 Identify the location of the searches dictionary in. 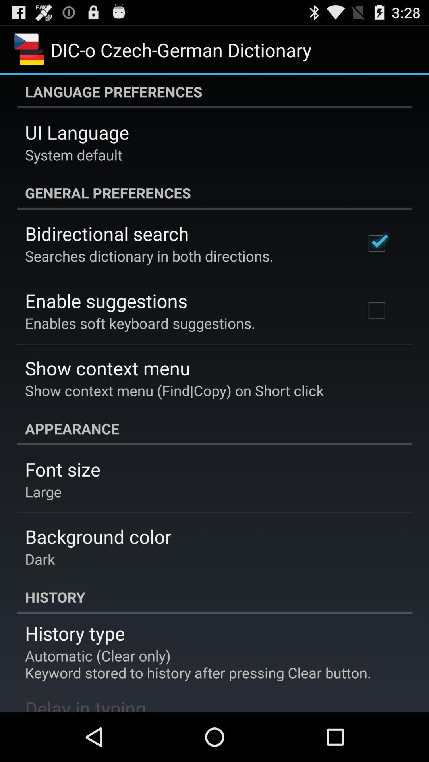
(149, 256).